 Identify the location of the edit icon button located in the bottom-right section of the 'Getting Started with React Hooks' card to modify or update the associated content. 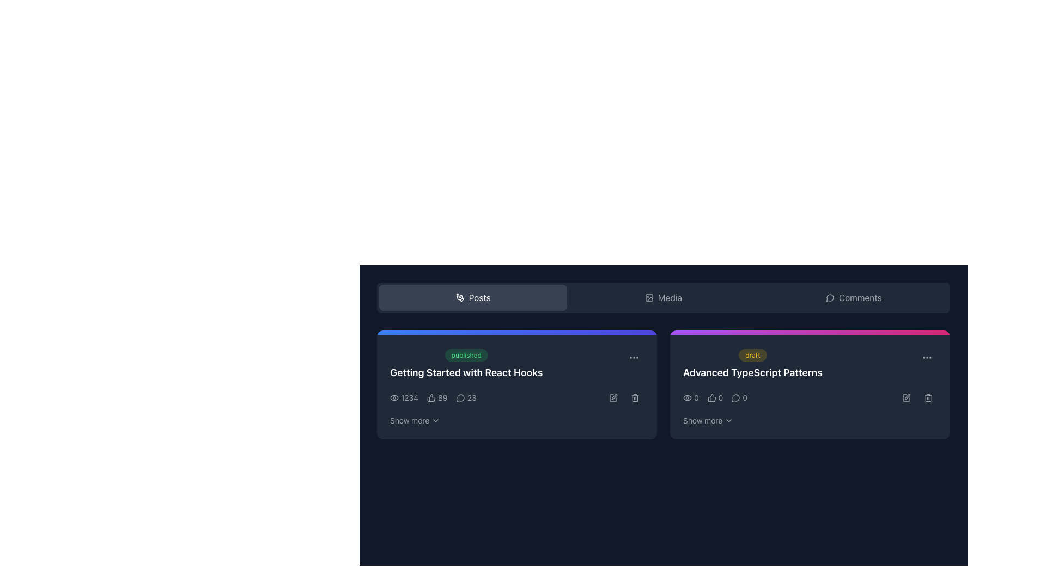
(615, 397).